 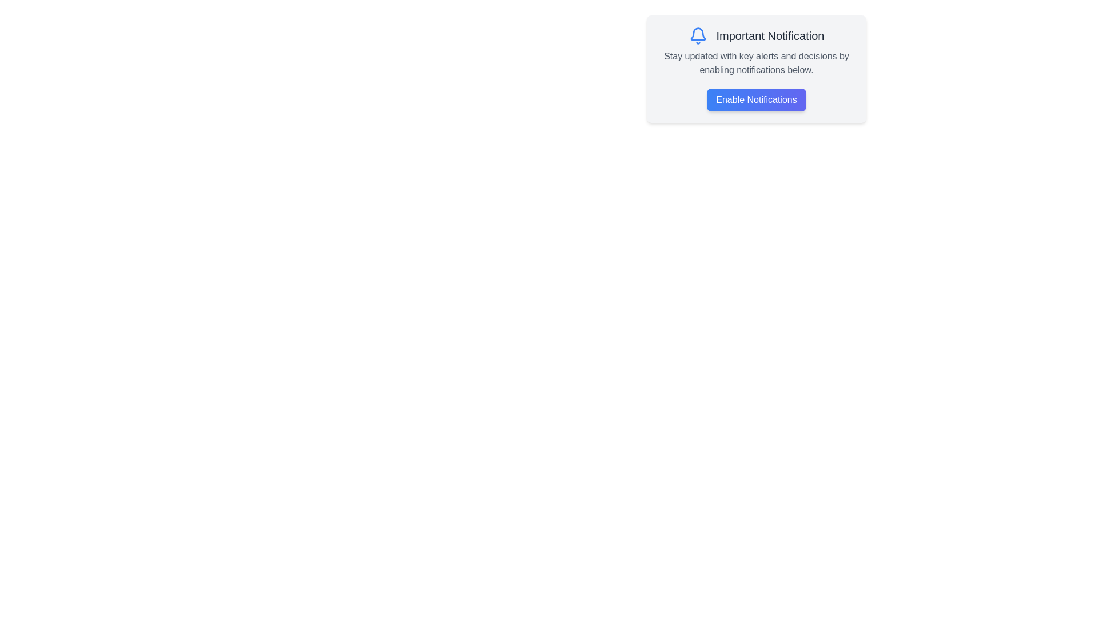 What do you see at coordinates (757, 99) in the screenshot?
I see `the 'Enable Notifications' button, which is styled with a gradient background and white text` at bounding box center [757, 99].